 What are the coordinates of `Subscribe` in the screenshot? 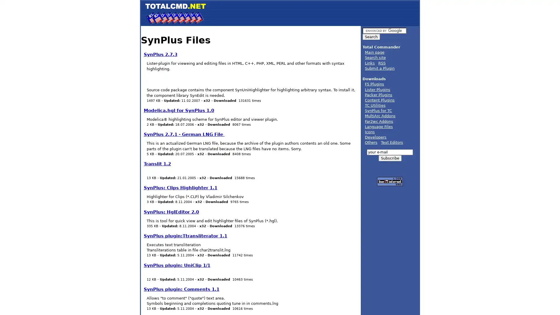 It's located at (390, 158).